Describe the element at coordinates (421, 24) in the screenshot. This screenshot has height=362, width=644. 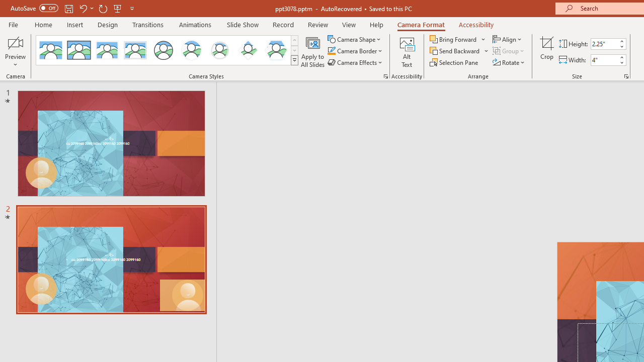
I see `'Camera Format'` at that location.